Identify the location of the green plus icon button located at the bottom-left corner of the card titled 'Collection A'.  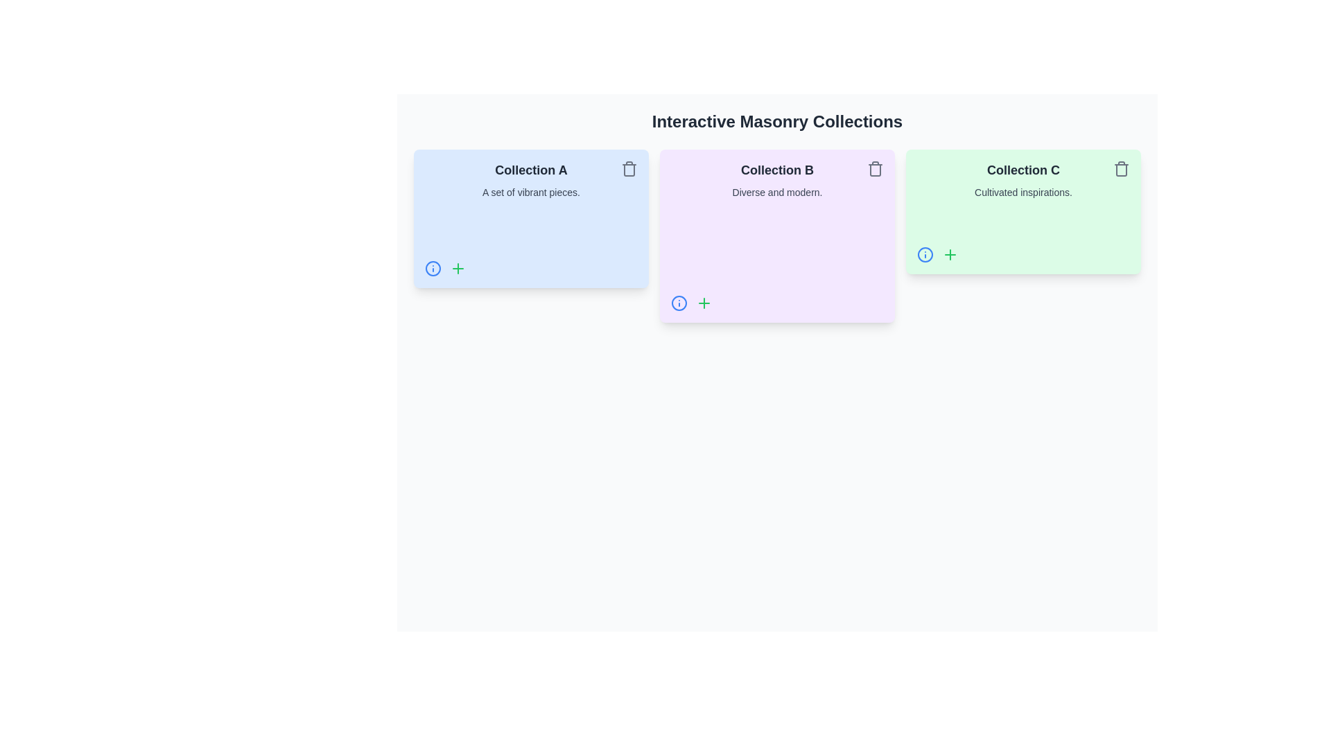
(458, 269).